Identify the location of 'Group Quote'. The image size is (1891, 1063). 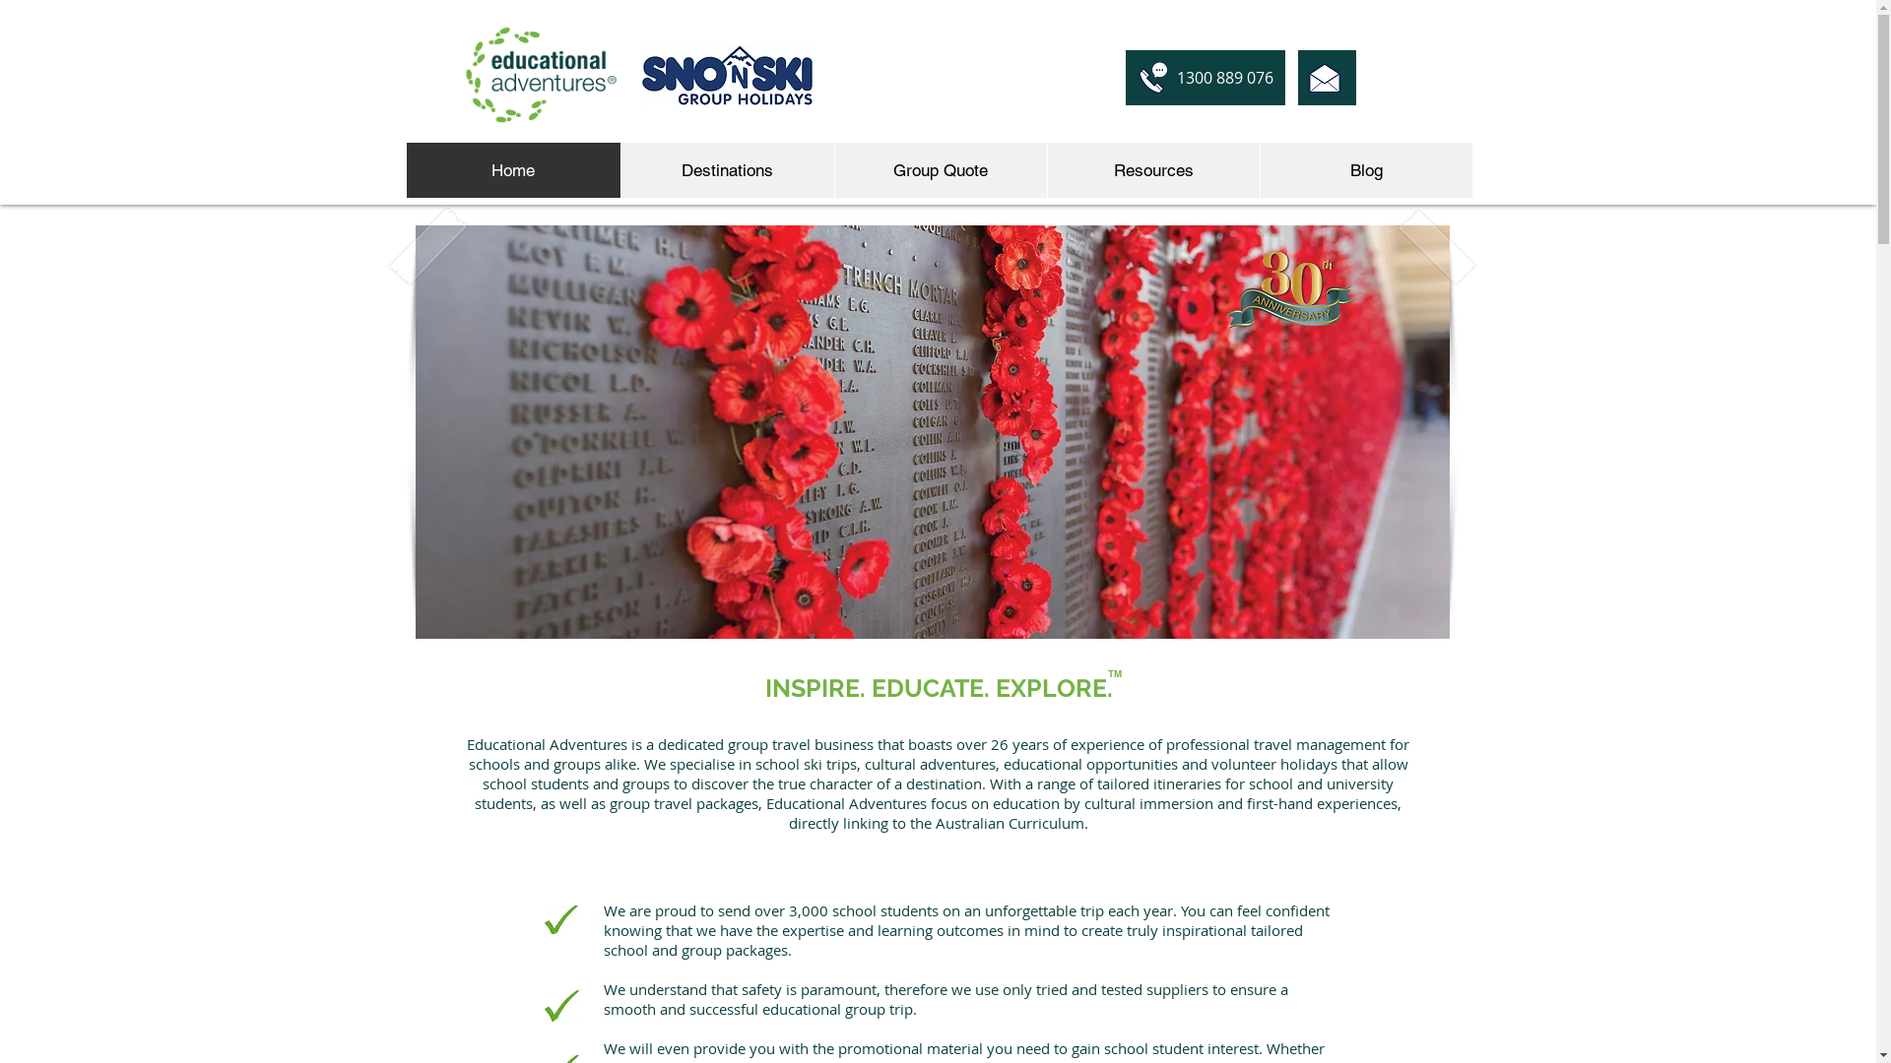
(939, 169).